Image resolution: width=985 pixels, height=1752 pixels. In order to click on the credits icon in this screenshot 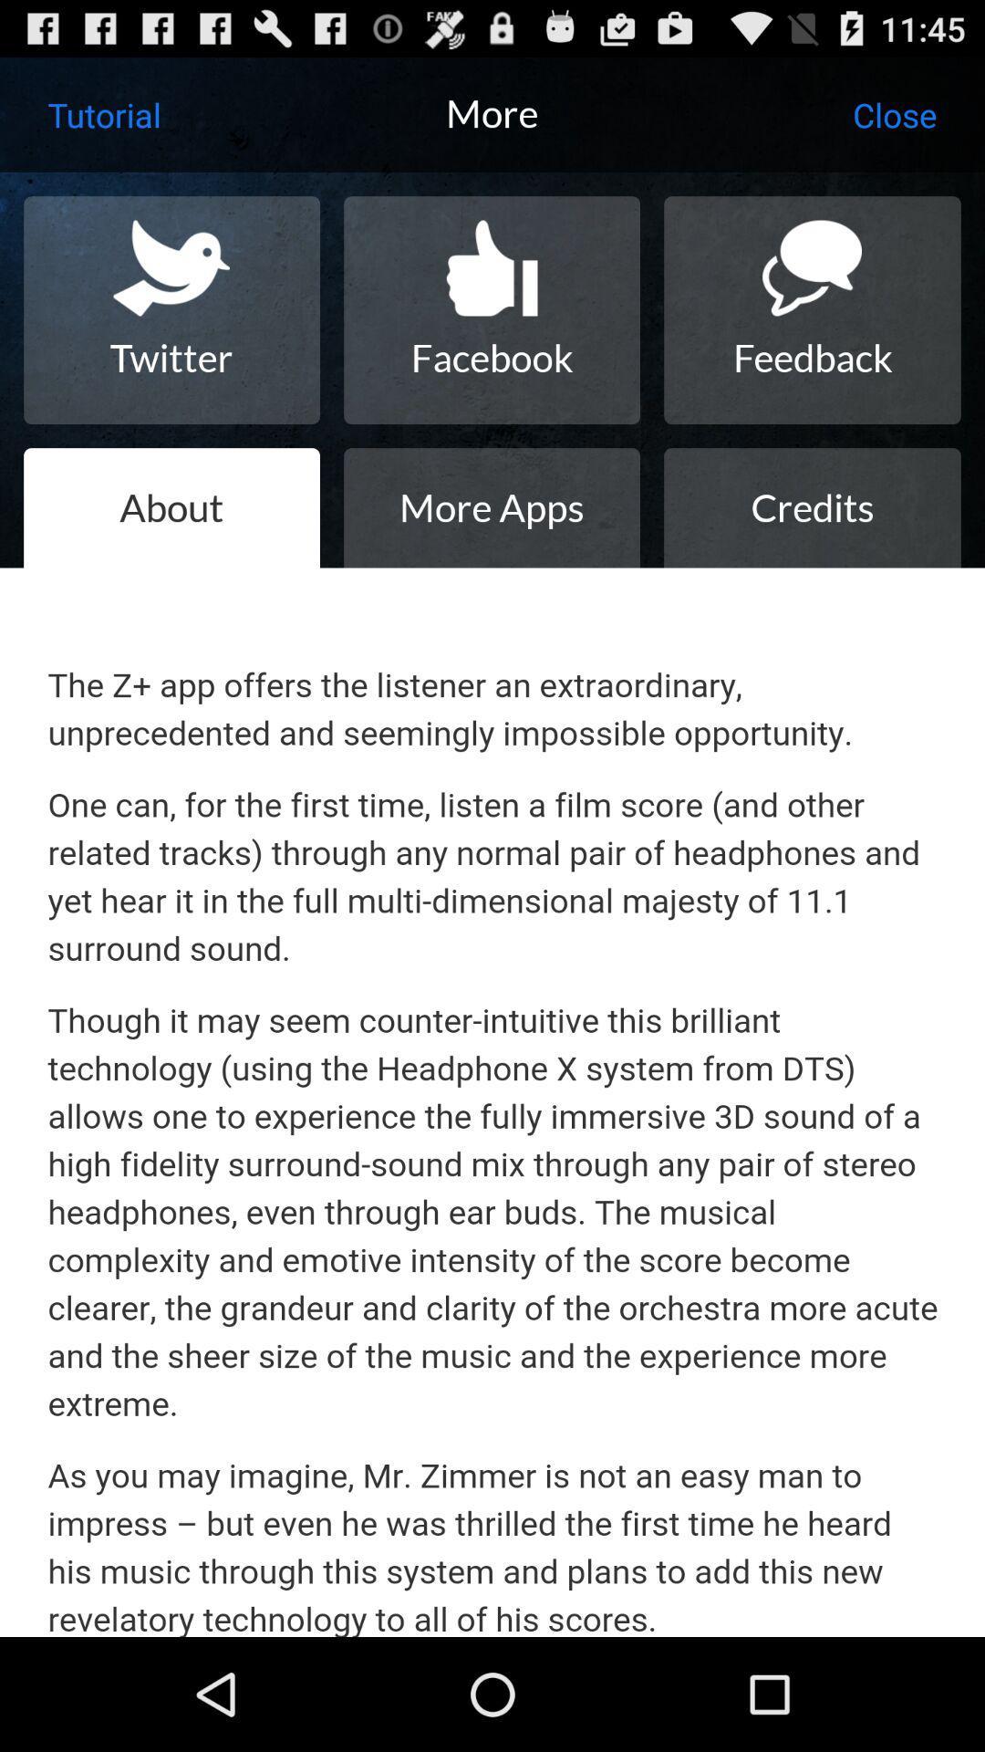, I will do `click(812, 507)`.